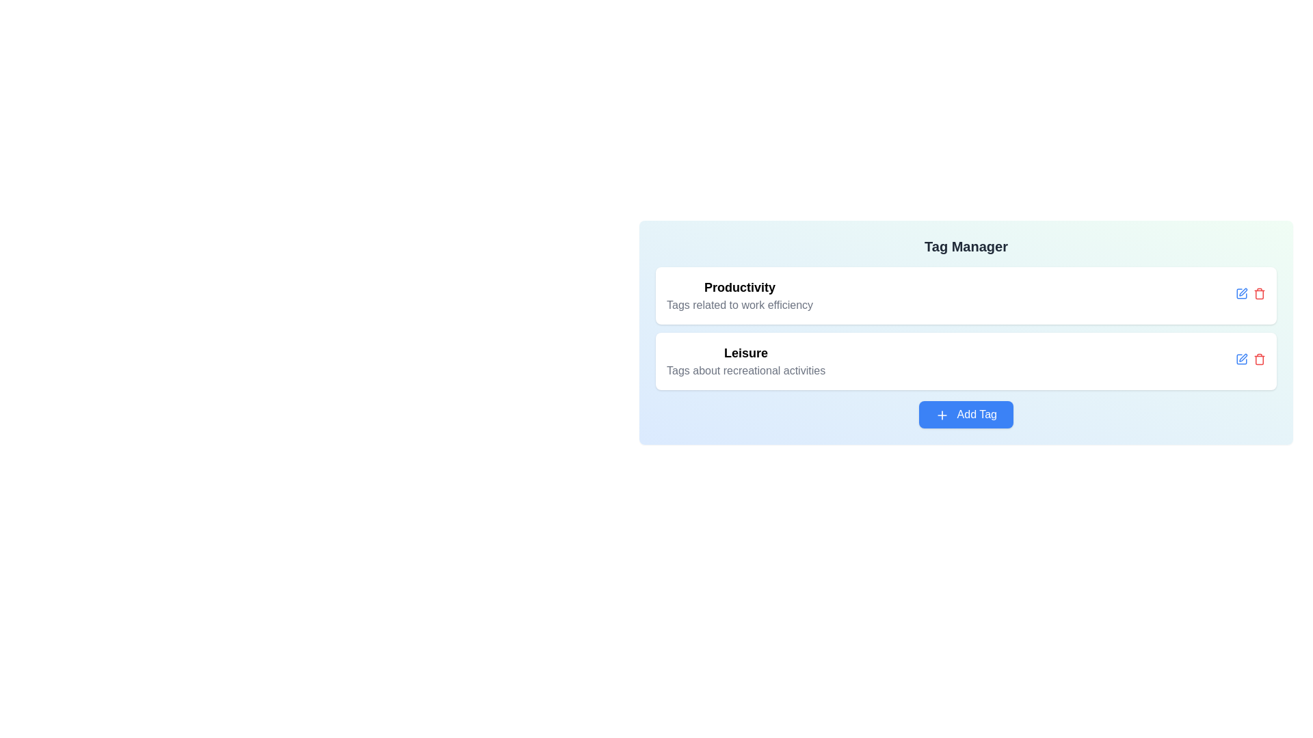 The width and height of the screenshot is (1313, 738). What do you see at coordinates (745, 371) in the screenshot?
I see `descriptive text located beneath the 'Leisure' header, which provides additional context about the category` at bounding box center [745, 371].